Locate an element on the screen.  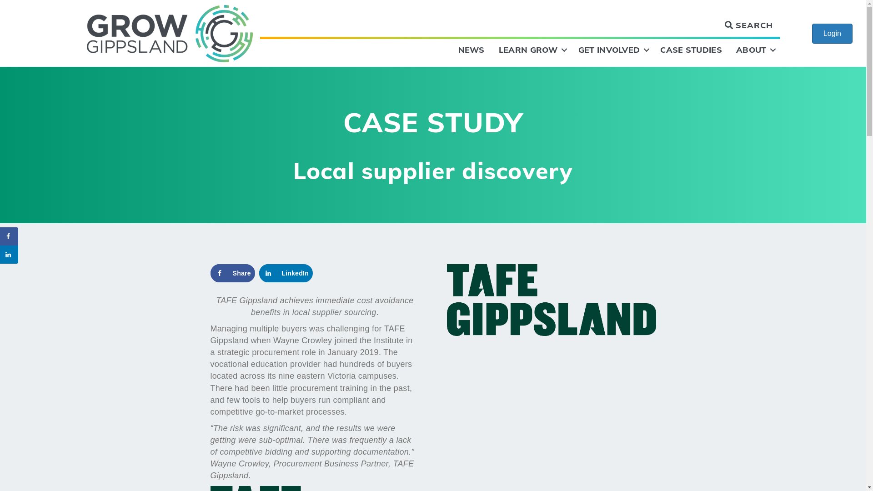
'LEARN GROW' is located at coordinates (532, 50).